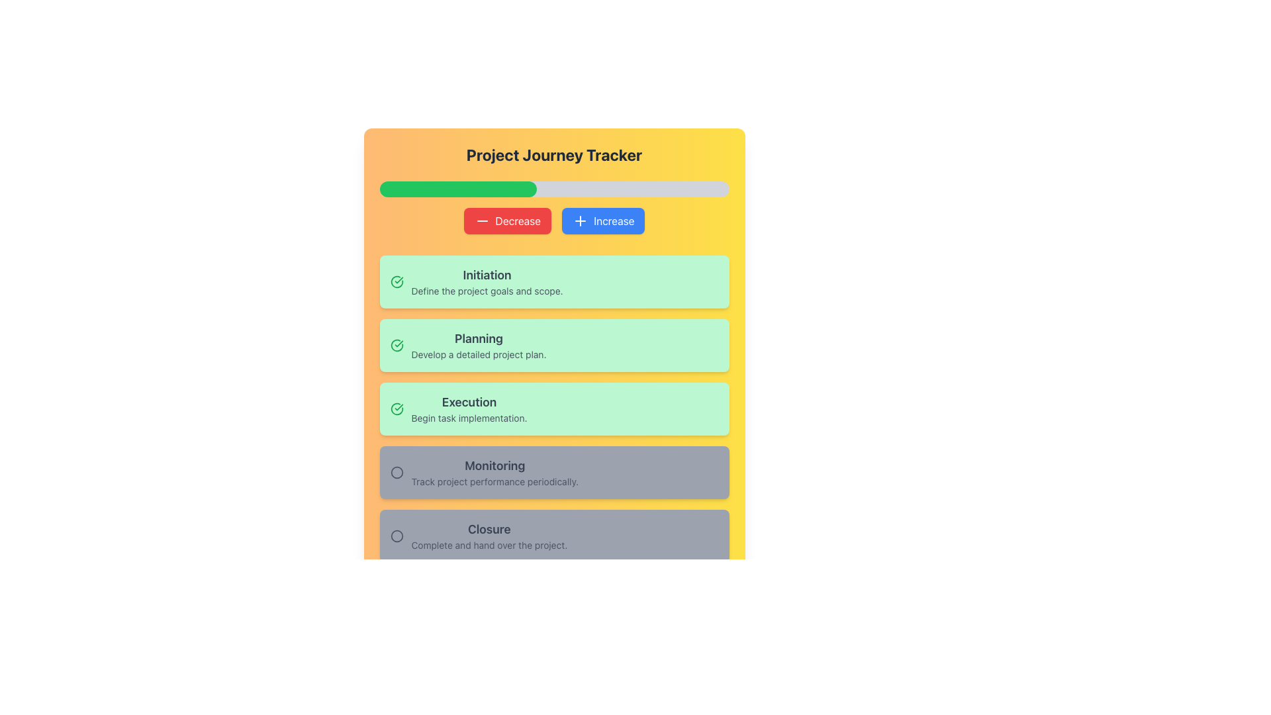  Describe the element at coordinates (554, 189) in the screenshot. I see `the progress bar located beneath the title 'Project Journey Tracker' and above the 'Decrease' and 'Increase' buttons` at that location.